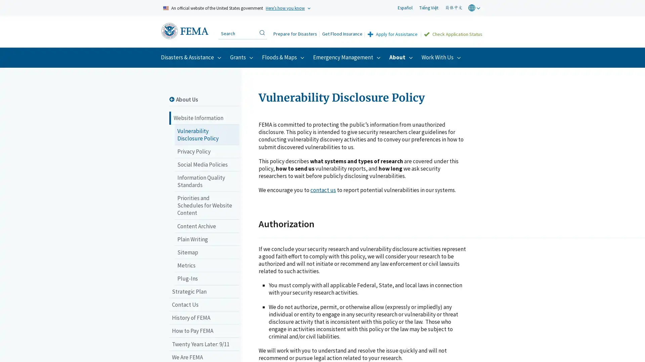 Image resolution: width=645 pixels, height=362 pixels. Describe the element at coordinates (402, 57) in the screenshot. I see `About` at that location.